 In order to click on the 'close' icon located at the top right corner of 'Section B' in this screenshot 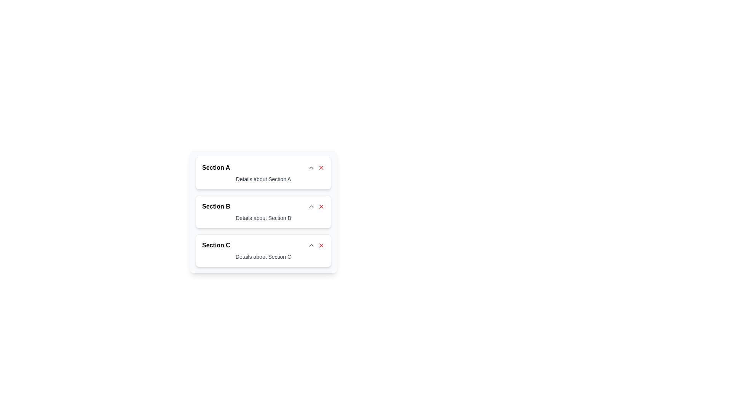, I will do `click(321, 207)`.